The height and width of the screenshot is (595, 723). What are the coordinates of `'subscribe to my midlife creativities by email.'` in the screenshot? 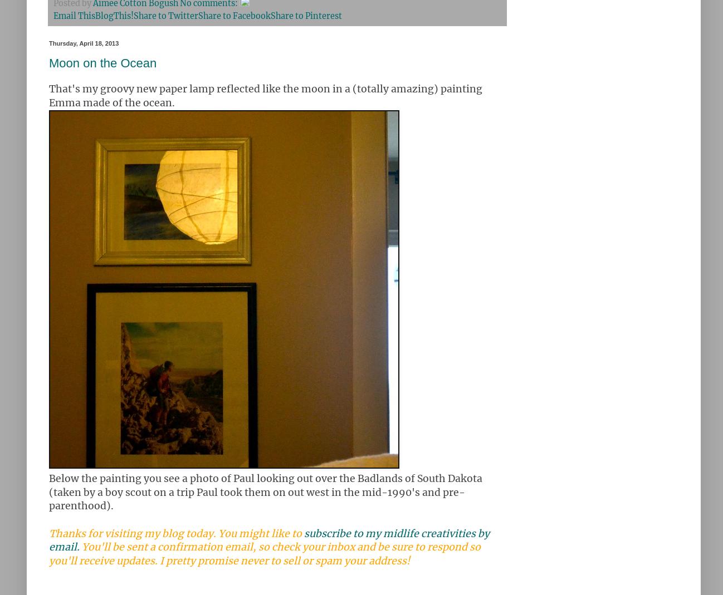 It's located at (49, 540).